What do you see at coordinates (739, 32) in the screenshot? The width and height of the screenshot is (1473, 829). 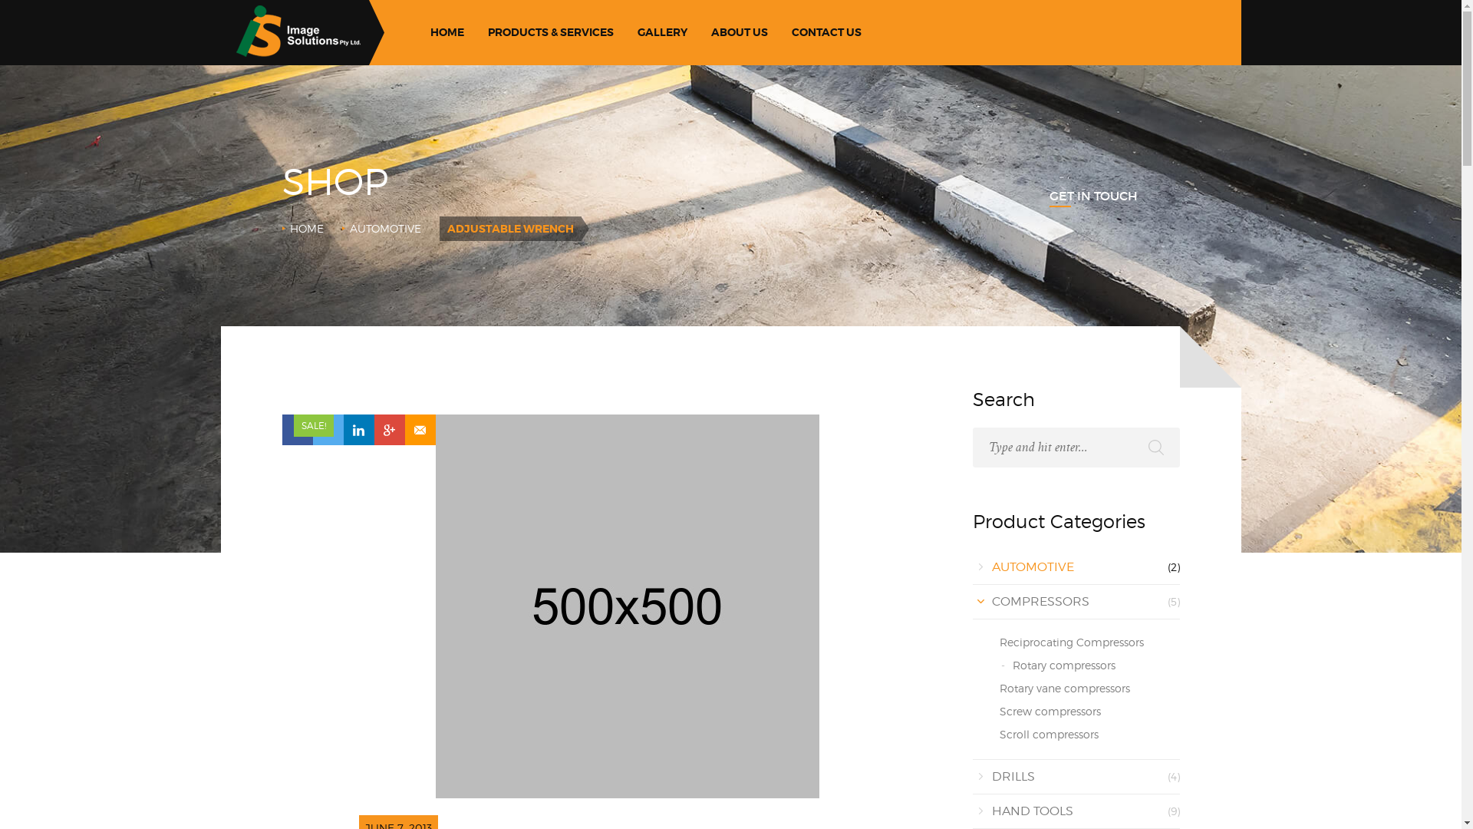 I see `'ABOUT US'` at bounding box center [739, 32].